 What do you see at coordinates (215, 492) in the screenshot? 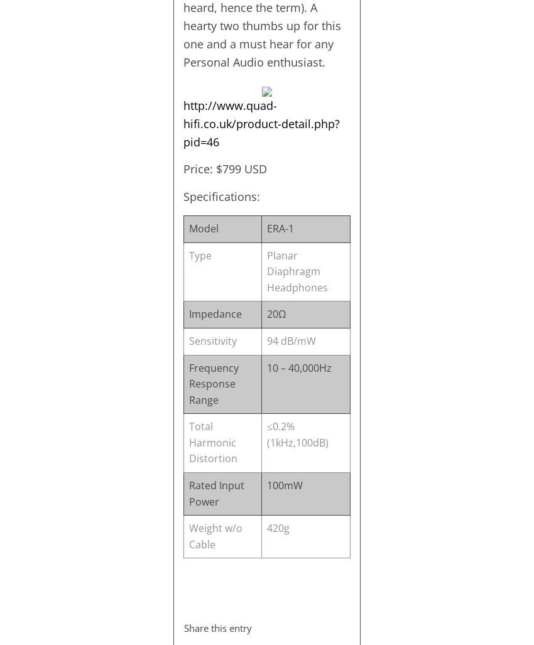
I see `'Rated Input Power'` at bounding box center [215, 492].